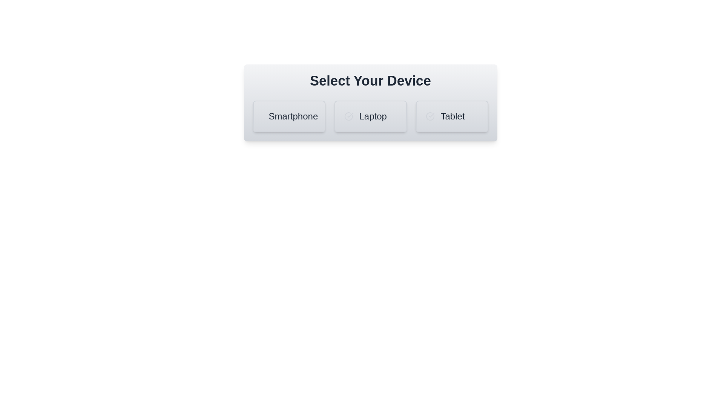 This screenshot has height=407, width=724. What do you see at coordinates (348, 116) in the screenshot?
I see `the 'Laptop' button, which contains a circular graphical component indicating status or feature` at bounding box center [348, 116].